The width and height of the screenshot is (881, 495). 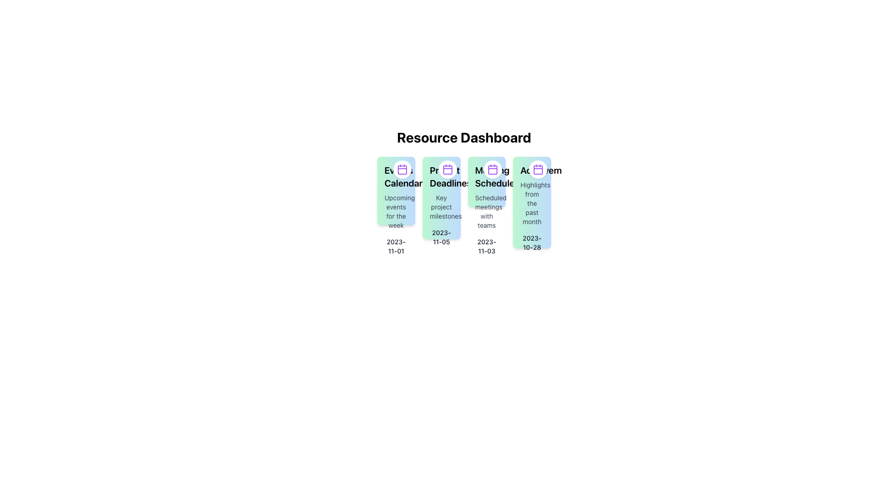 I want to click on information presented on the Information Card, which is the second card from the left in a row of four, displaying project deadlines and descriptions, so click(x=464, y=209).